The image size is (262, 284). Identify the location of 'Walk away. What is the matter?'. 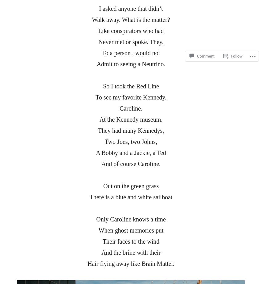
(131, 19).